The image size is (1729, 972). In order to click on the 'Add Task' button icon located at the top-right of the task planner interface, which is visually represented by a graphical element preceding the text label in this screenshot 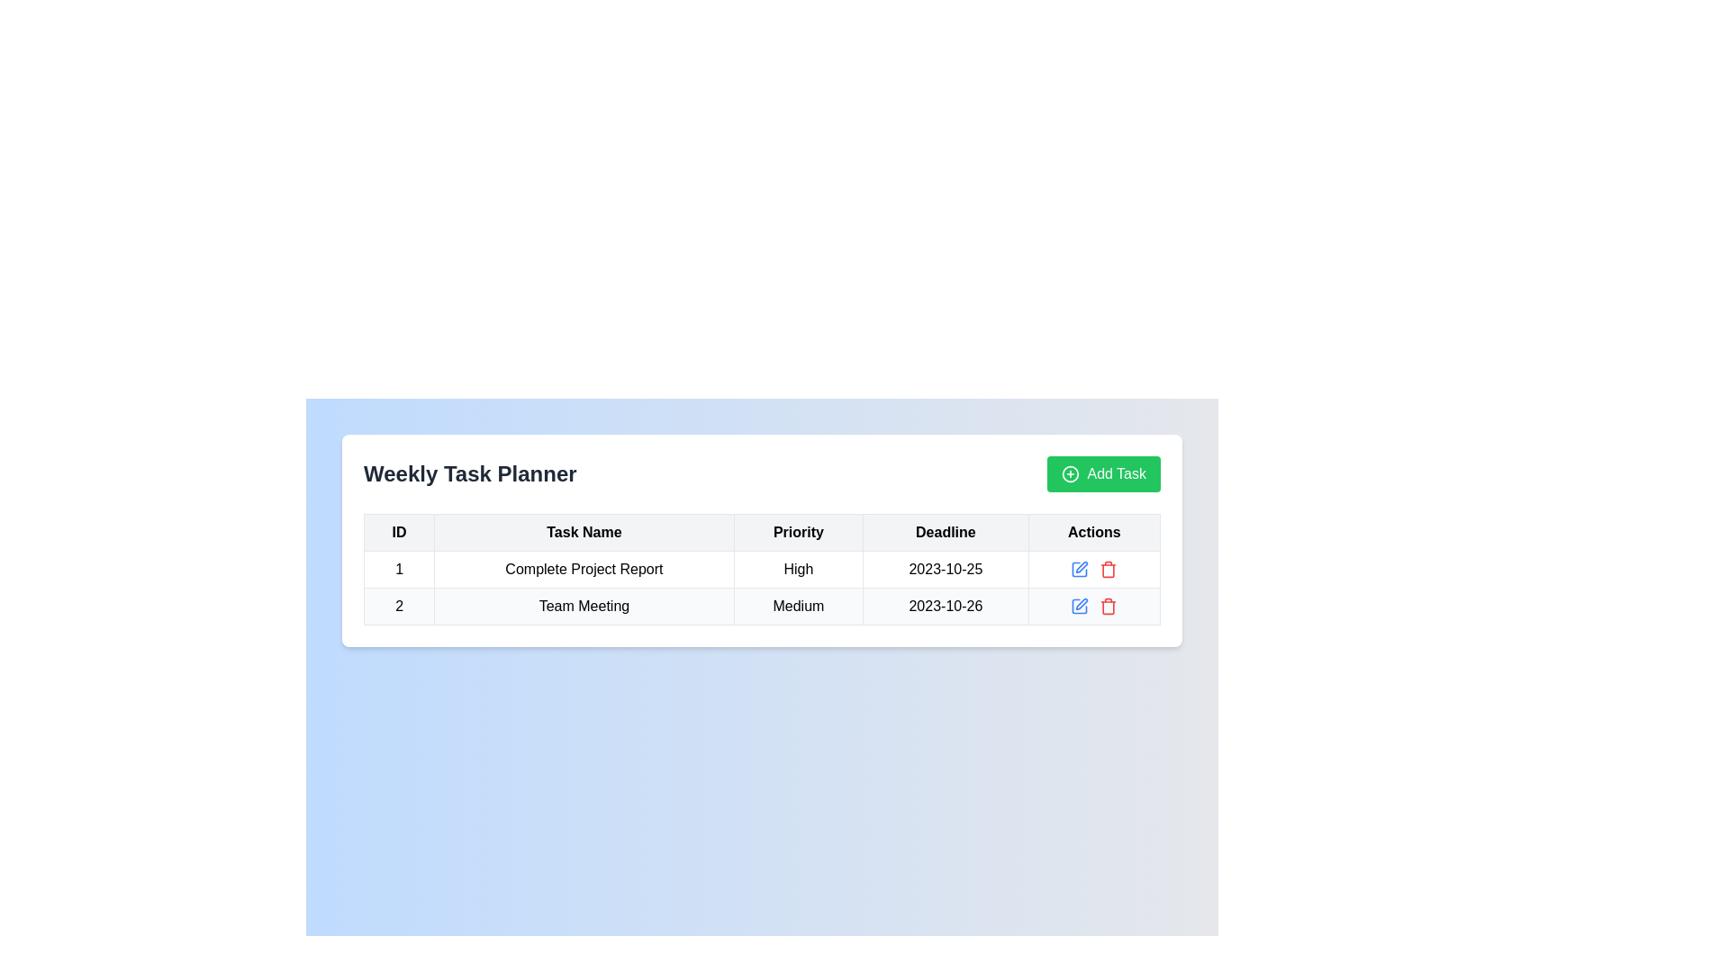, I will do `click(1071, 473)`.